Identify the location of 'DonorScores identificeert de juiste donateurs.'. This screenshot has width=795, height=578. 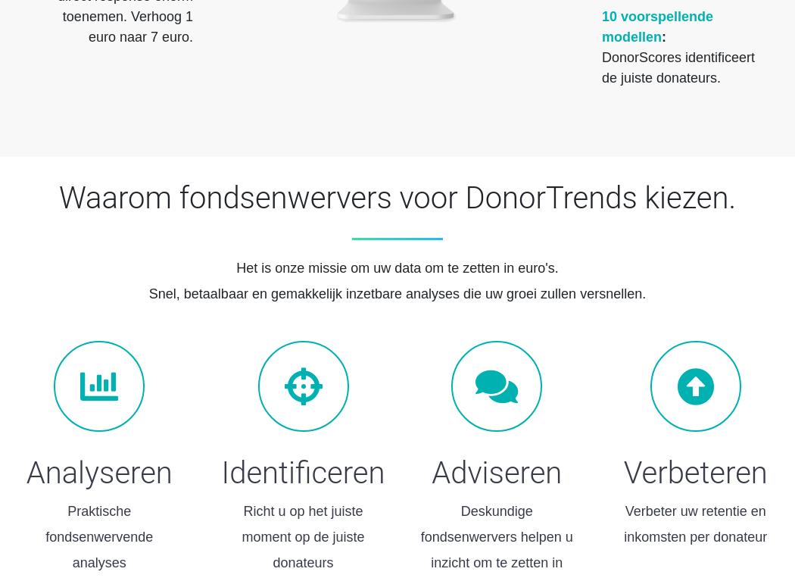
(677, 67).